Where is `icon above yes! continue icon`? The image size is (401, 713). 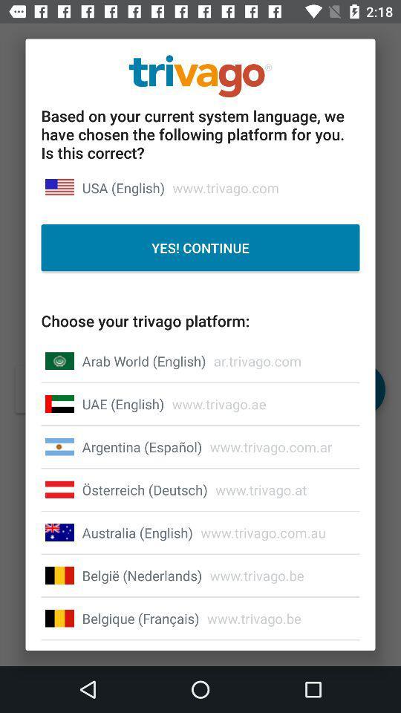
icon above yes! continue icon is located at coordinates (123, 187).